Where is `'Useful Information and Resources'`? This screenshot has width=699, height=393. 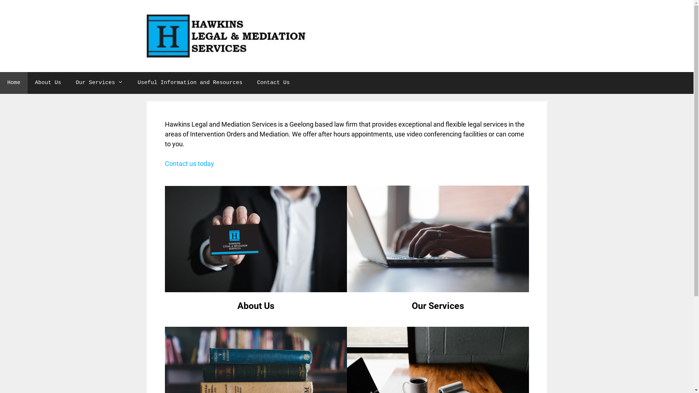 'Useful Information and Resources' is located at coordinates (190, 82).